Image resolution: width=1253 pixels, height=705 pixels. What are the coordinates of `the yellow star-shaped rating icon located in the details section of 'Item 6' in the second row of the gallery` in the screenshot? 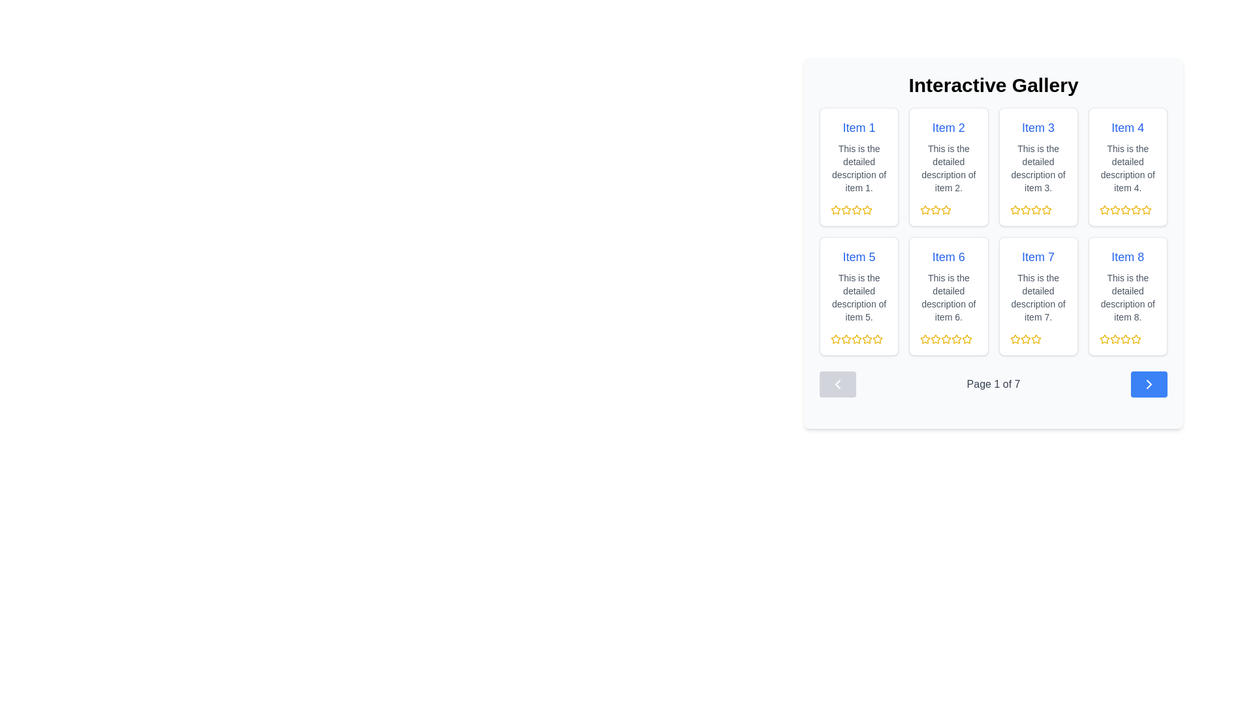 It's located at (925, 339).